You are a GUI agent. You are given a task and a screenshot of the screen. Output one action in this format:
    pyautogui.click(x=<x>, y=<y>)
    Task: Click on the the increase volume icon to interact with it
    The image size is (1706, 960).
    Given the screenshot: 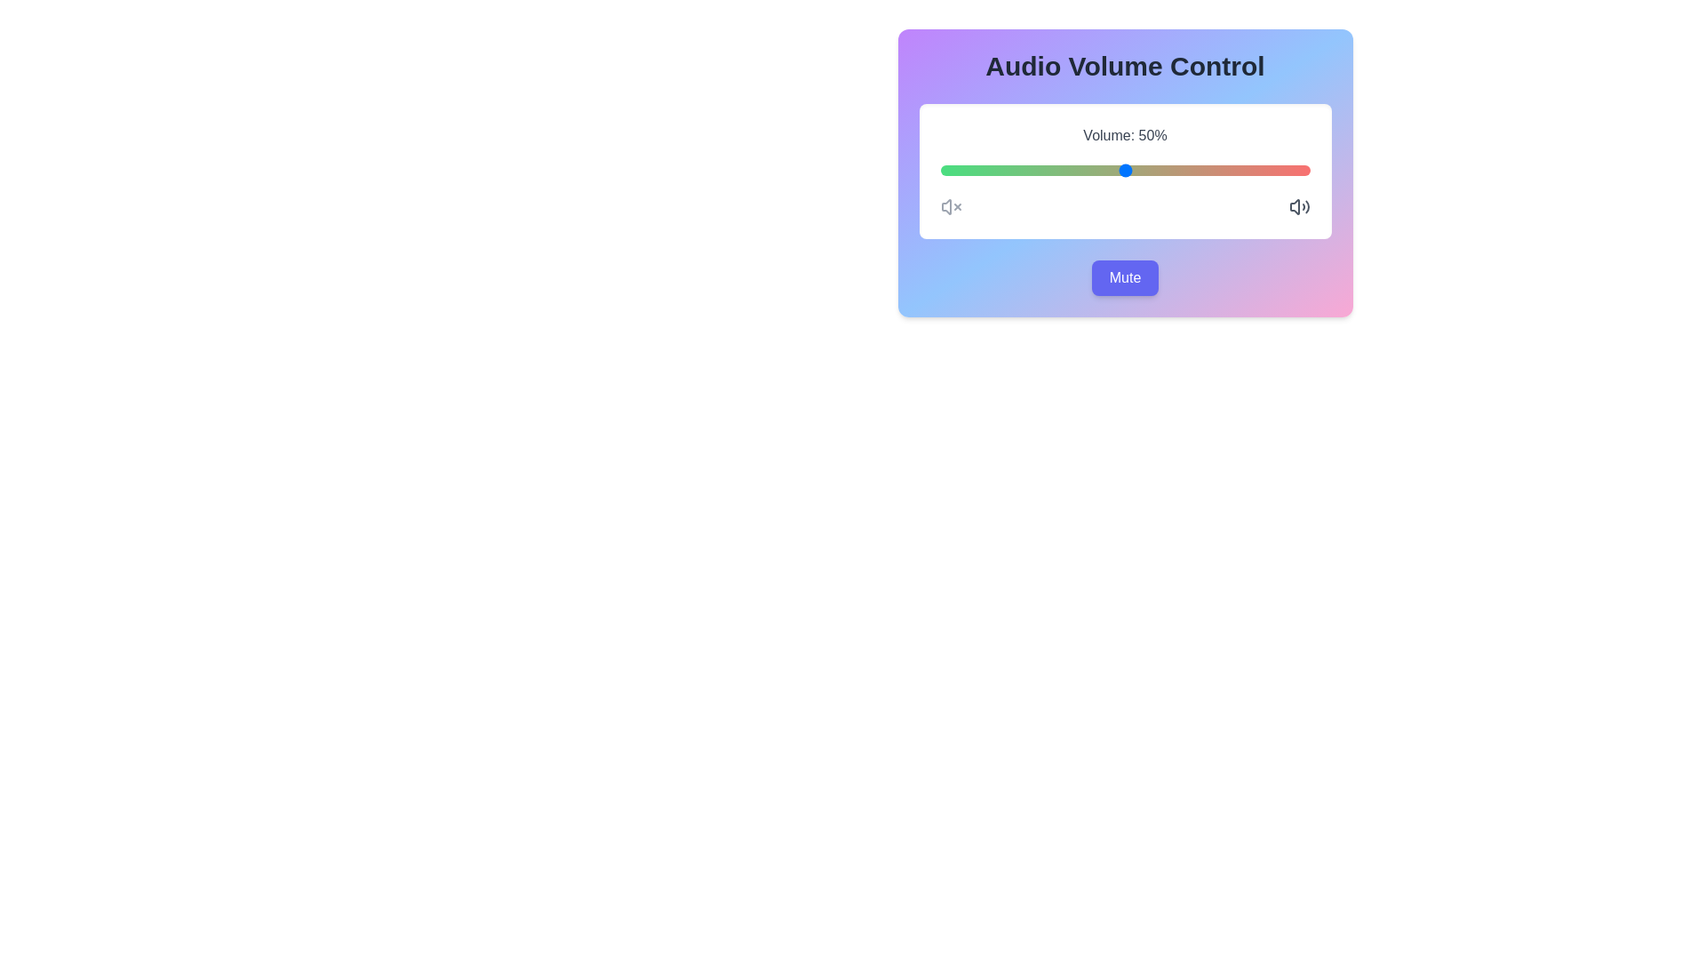 What is the action you would take?
    pyautogui.click(x=1299, y=205)
    